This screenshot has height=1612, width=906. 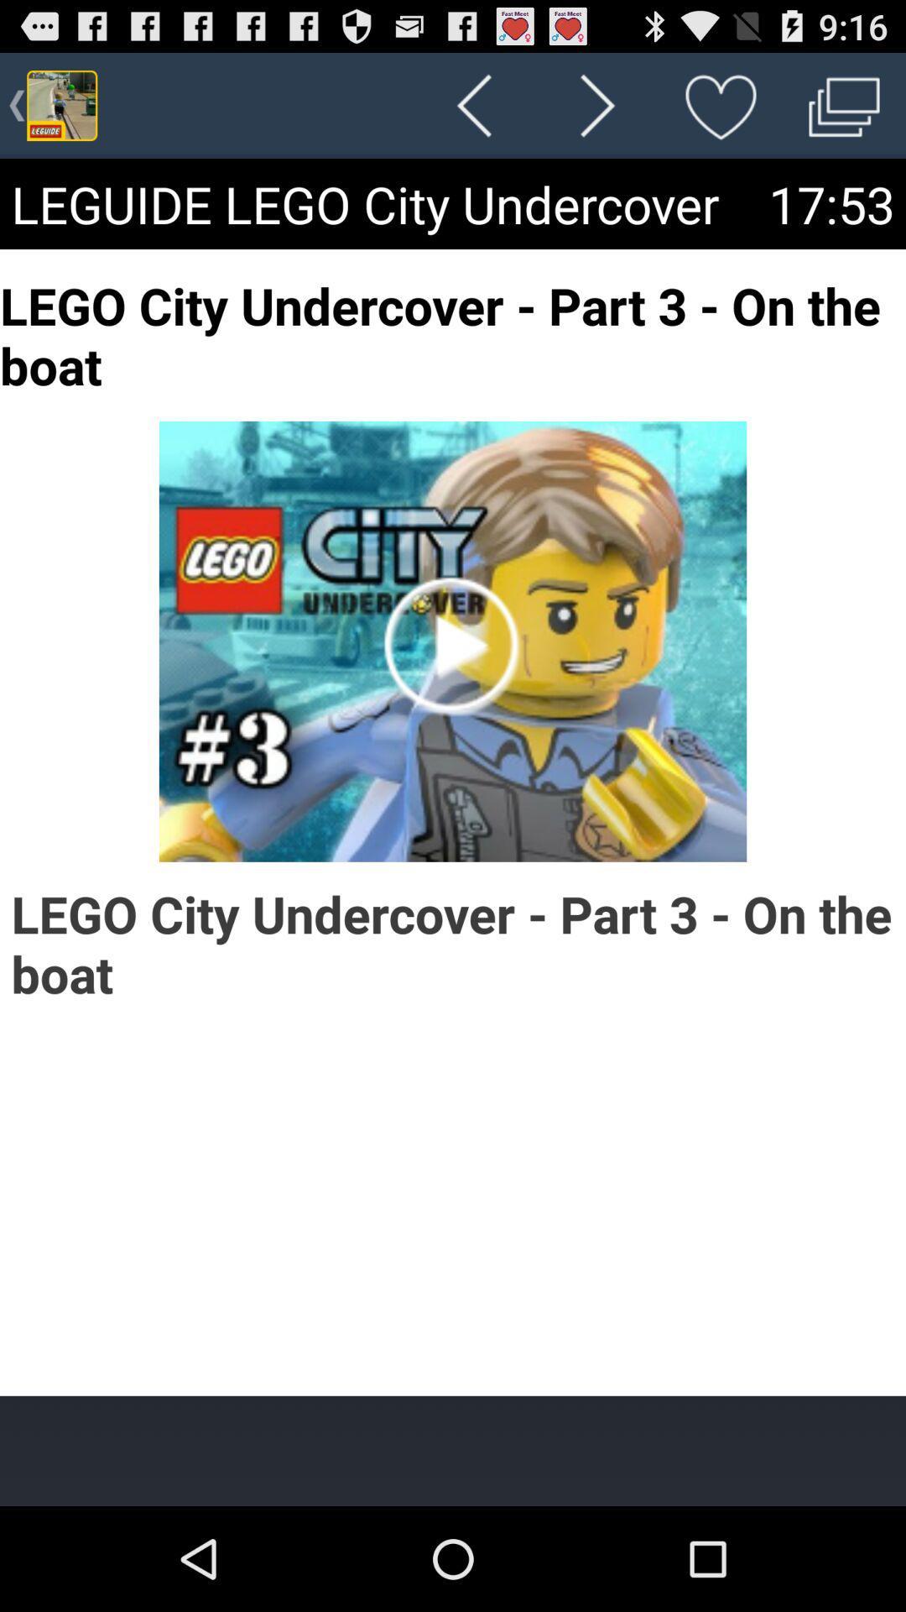 I want to click on the item below the lego city undercover app, so click(x=453, y=1450).